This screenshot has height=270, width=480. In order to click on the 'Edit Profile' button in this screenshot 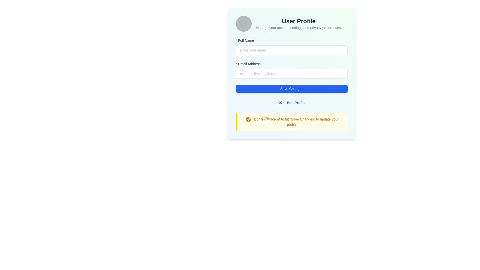, I will do `click(291, 102)`.